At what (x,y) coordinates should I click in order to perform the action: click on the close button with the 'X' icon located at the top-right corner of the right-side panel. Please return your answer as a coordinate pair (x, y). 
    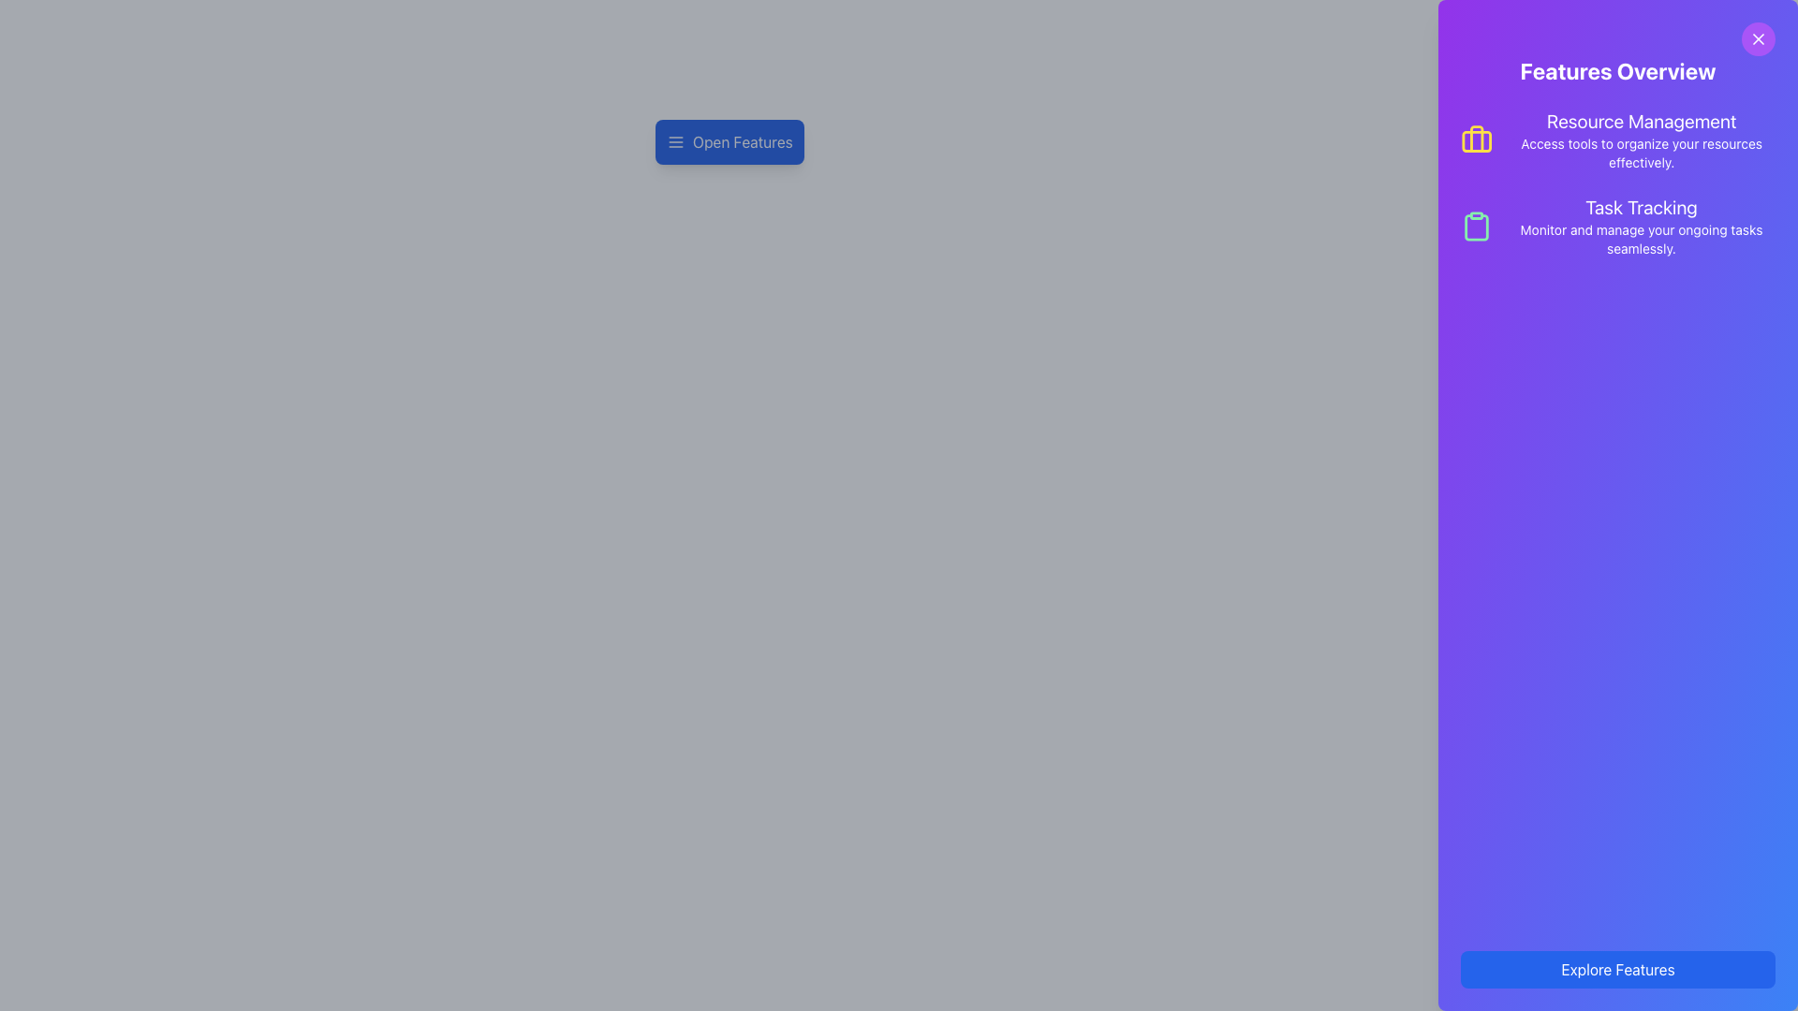
    Looking at the image, I should click on (1757, 39).